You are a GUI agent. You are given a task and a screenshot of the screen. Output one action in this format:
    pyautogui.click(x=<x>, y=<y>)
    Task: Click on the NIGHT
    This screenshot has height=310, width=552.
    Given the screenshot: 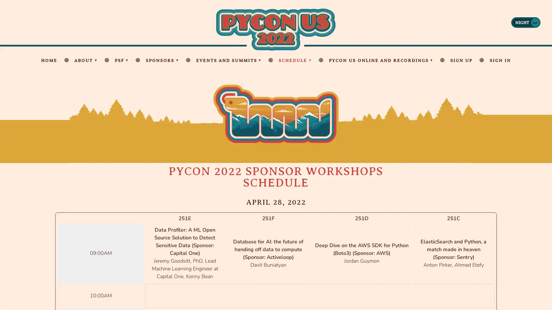 What is the action you would take?
    pyautogui.click(x=526, y=22)
    